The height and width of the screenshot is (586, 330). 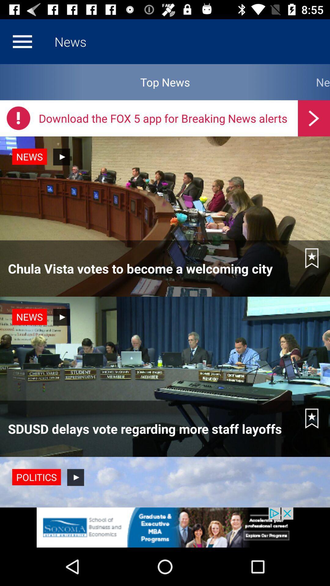 I want to click on click discriiption, so click(x=165, y=527).